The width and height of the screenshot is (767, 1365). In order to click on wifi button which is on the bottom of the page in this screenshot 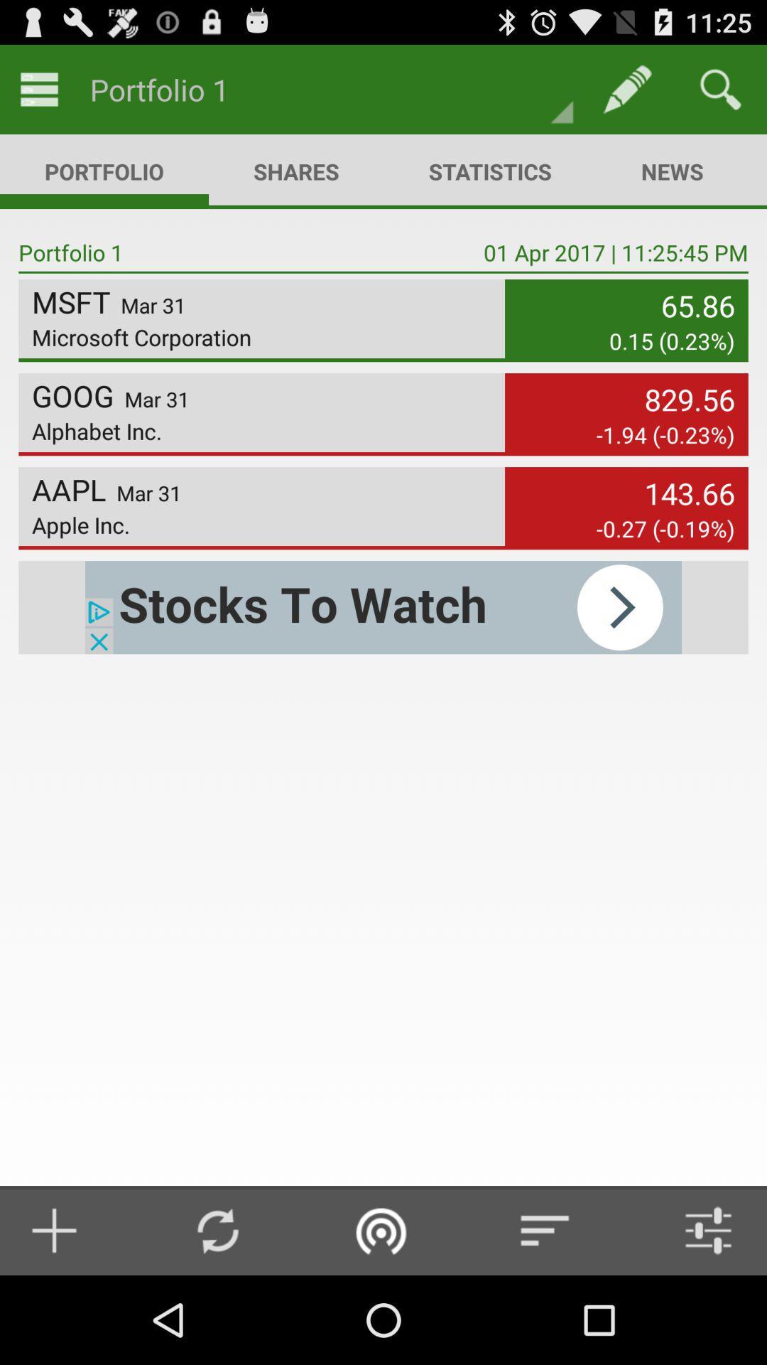, I will do `click(381, 1230)`.